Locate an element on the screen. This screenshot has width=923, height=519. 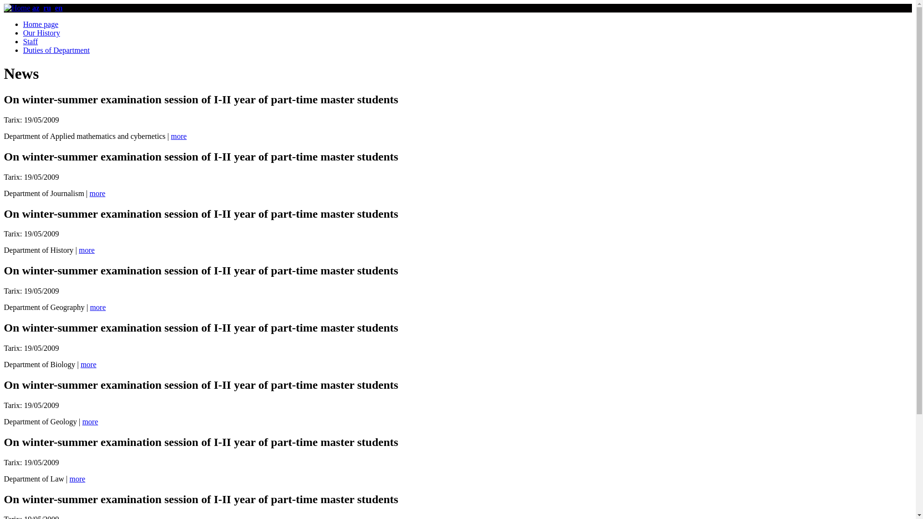
'az' is located at coordinates (32, 8).